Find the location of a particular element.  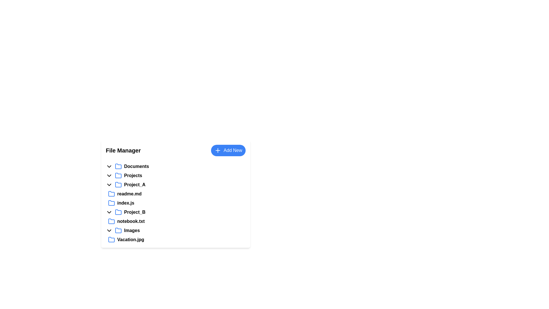

the folder icon with a blue outline that is positioned next to the 'Images' label is located at coordinates (111, 239).